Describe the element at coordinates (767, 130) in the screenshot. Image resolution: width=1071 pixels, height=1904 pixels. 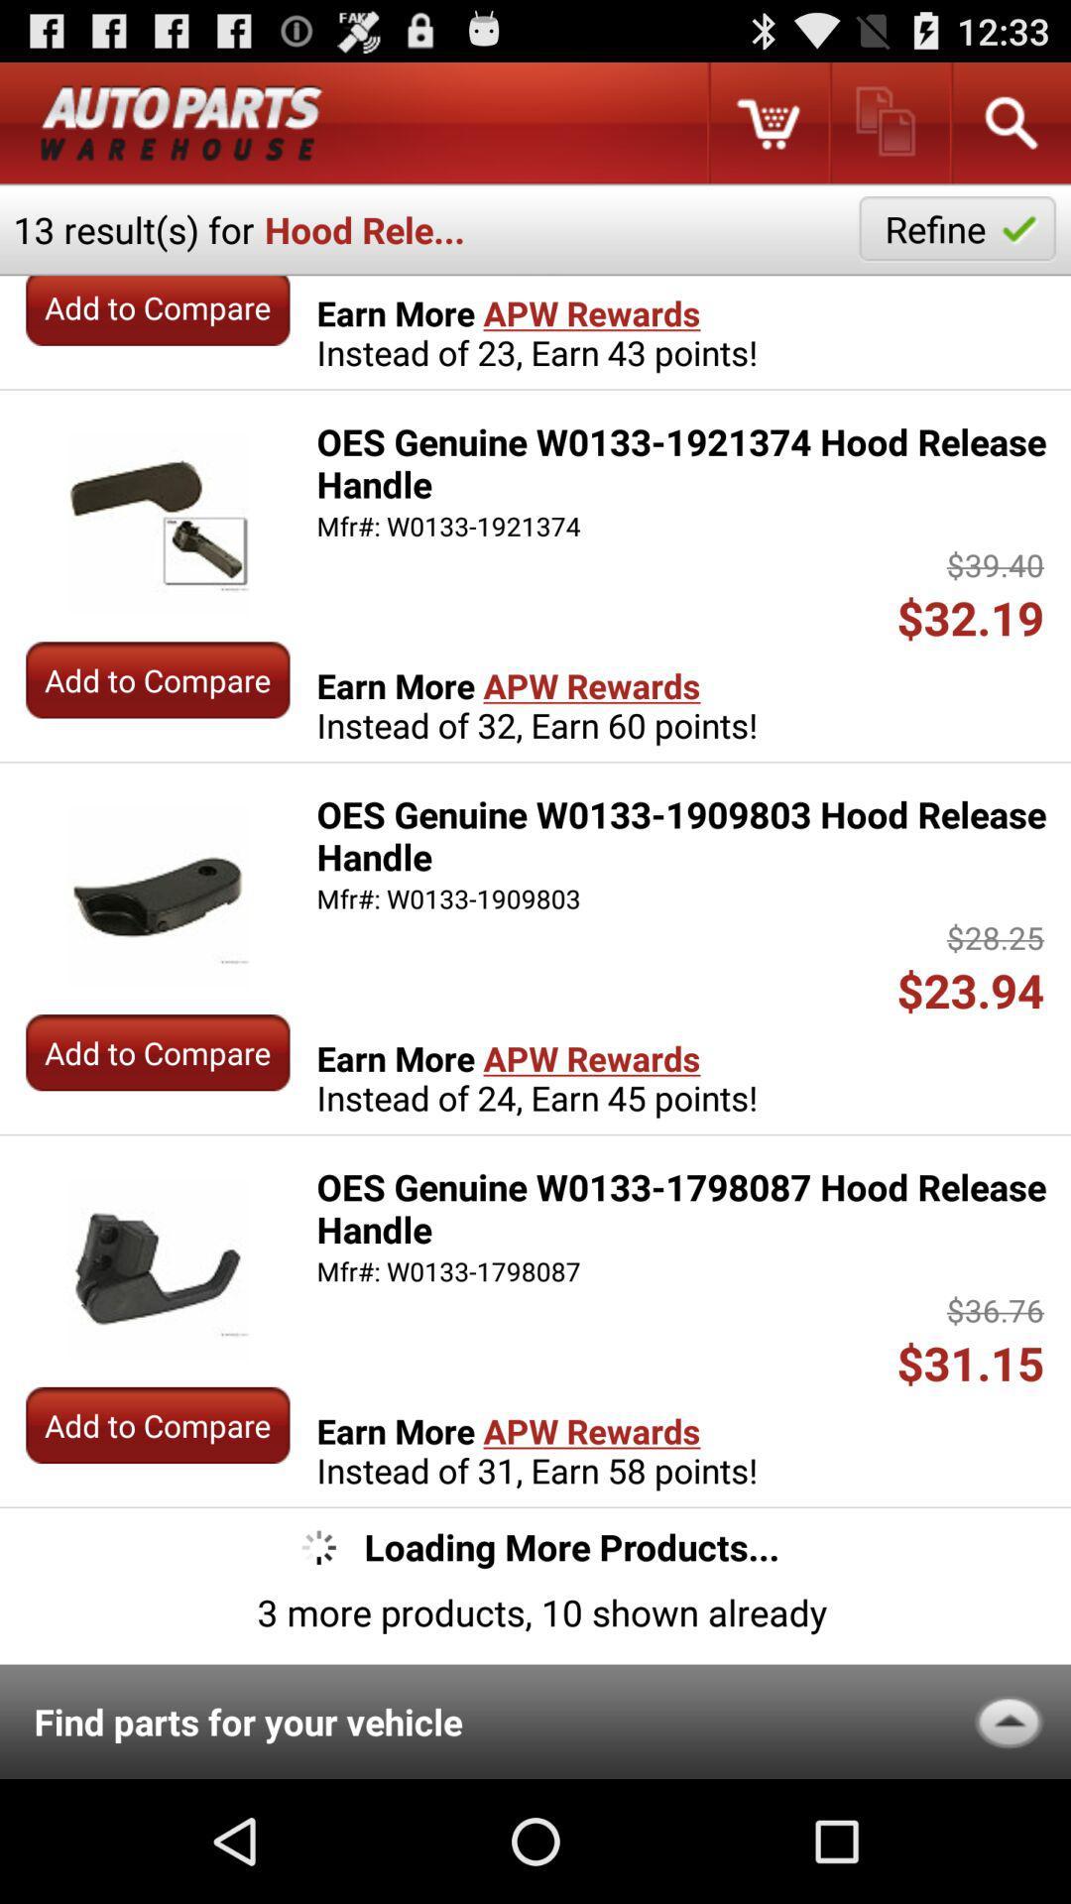
I see `the cart icon` at that location.